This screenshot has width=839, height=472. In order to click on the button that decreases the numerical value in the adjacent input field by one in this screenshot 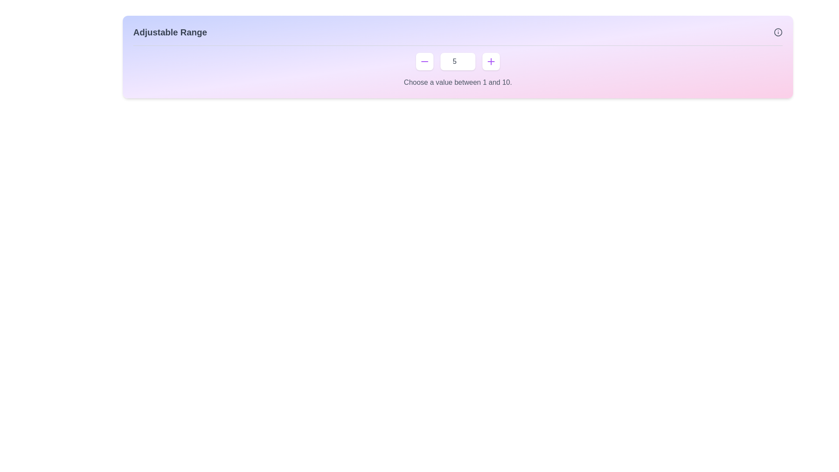, I will do `click(424, 61)`.